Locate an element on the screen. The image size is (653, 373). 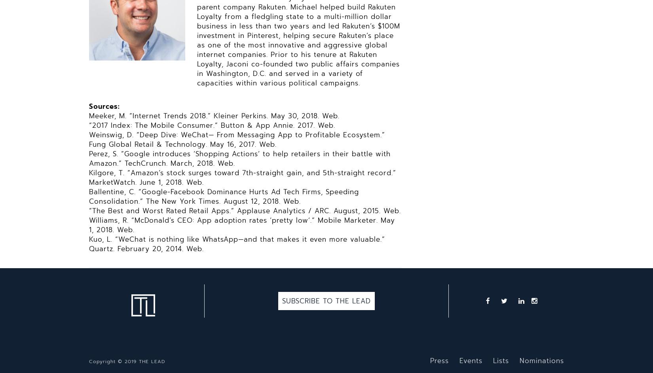
'Lists' is located at coordinates (501, 360).